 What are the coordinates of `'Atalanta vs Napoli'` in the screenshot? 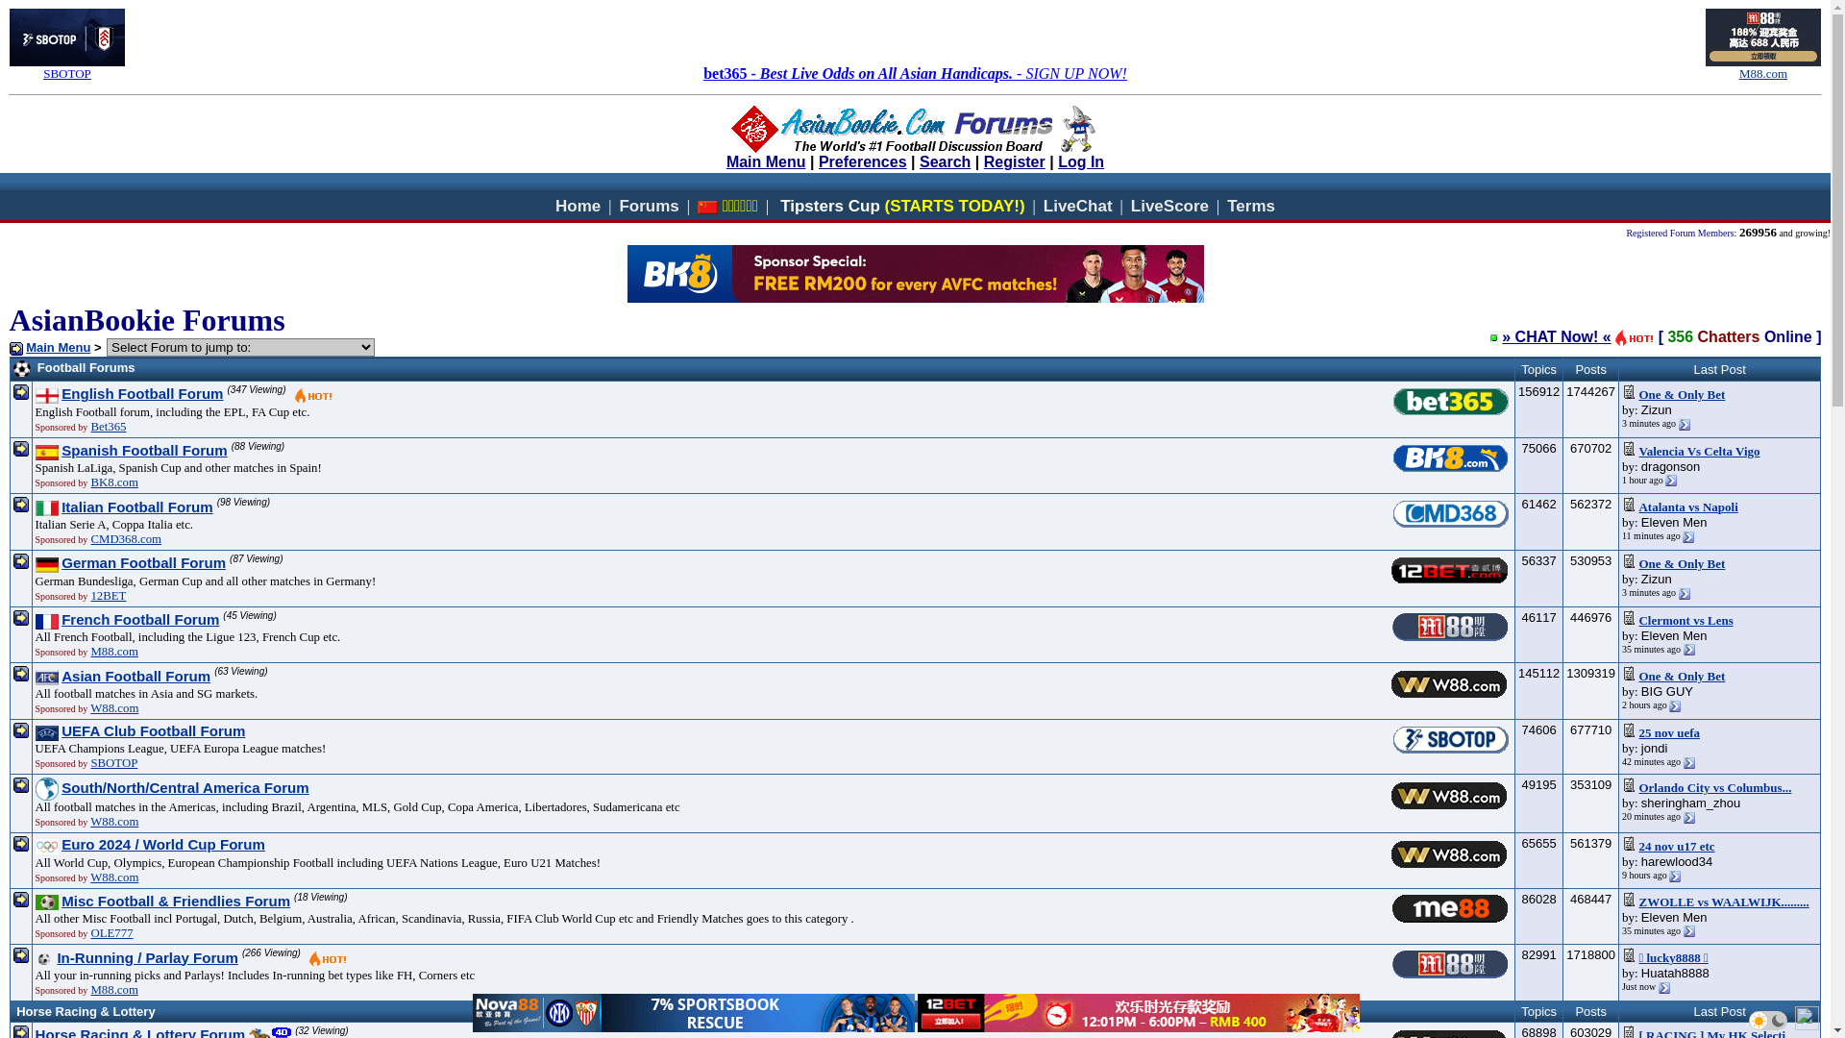 It's located at (1636, 507).